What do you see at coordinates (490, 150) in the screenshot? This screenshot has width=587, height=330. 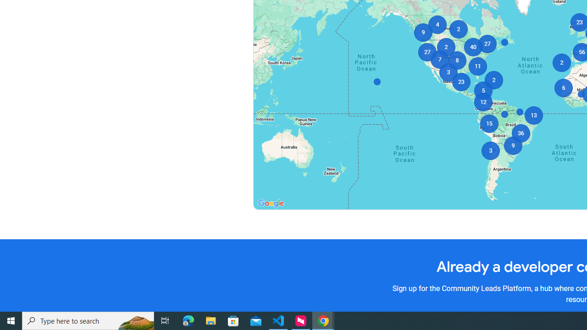 I see `'3'` at bounding box center [490, 150].